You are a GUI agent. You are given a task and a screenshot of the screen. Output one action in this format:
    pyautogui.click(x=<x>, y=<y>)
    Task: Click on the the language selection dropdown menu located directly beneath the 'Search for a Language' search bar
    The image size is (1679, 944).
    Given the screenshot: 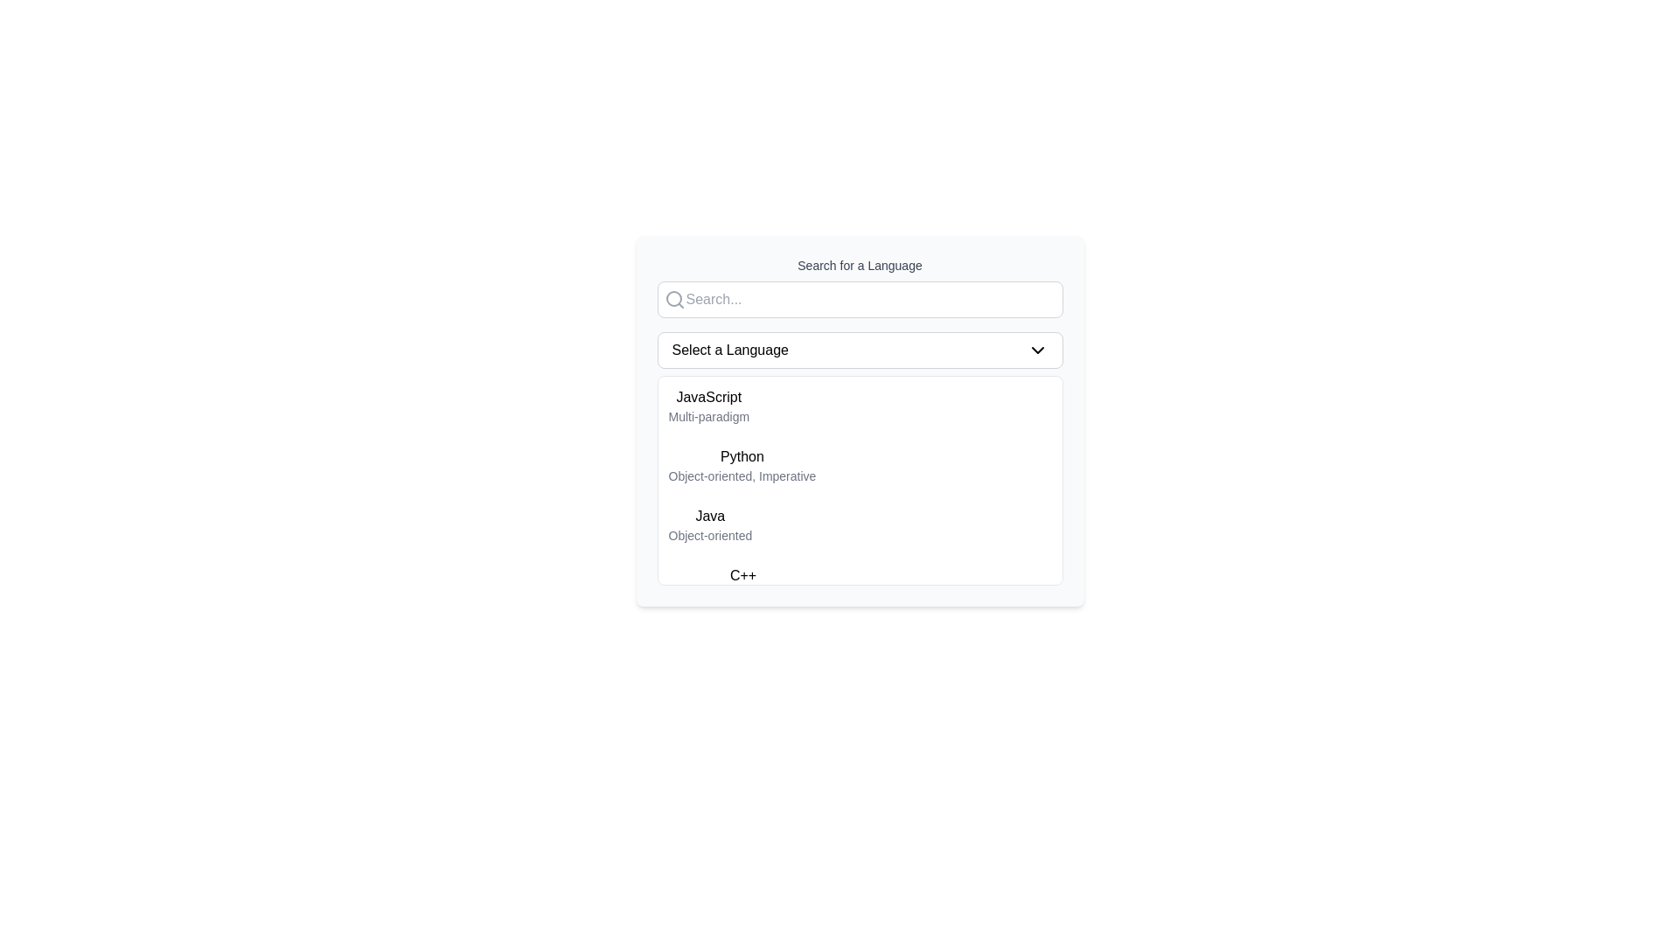 What is the action you would take?
    pyautogui.click(x=860, y=351)
    